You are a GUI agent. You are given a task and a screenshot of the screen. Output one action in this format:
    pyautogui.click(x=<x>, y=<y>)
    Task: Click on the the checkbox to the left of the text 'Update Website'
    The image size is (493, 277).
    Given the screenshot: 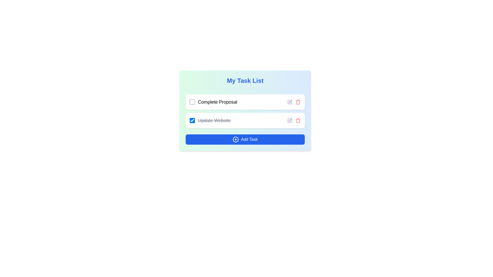 What is the action you would take?
    pyautogui.click(x=192, y=121)
    